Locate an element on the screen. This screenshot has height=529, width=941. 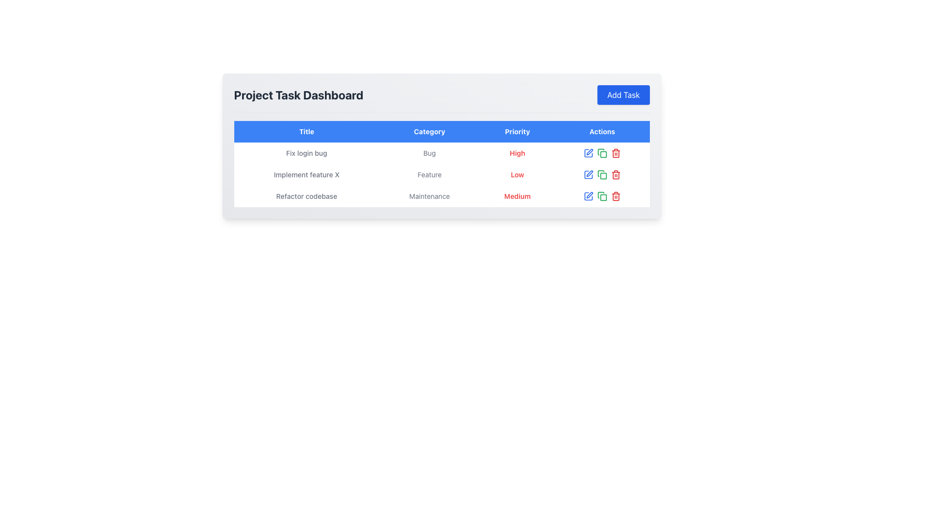
the label that classifies the task 'Fix login bug' under the category 'Bug', located in the second column of the table in the first row is located at coordinates (429, 153).